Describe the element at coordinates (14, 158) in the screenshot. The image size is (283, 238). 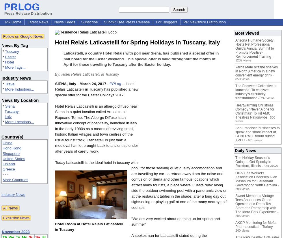
I see `'United States'` at that location.